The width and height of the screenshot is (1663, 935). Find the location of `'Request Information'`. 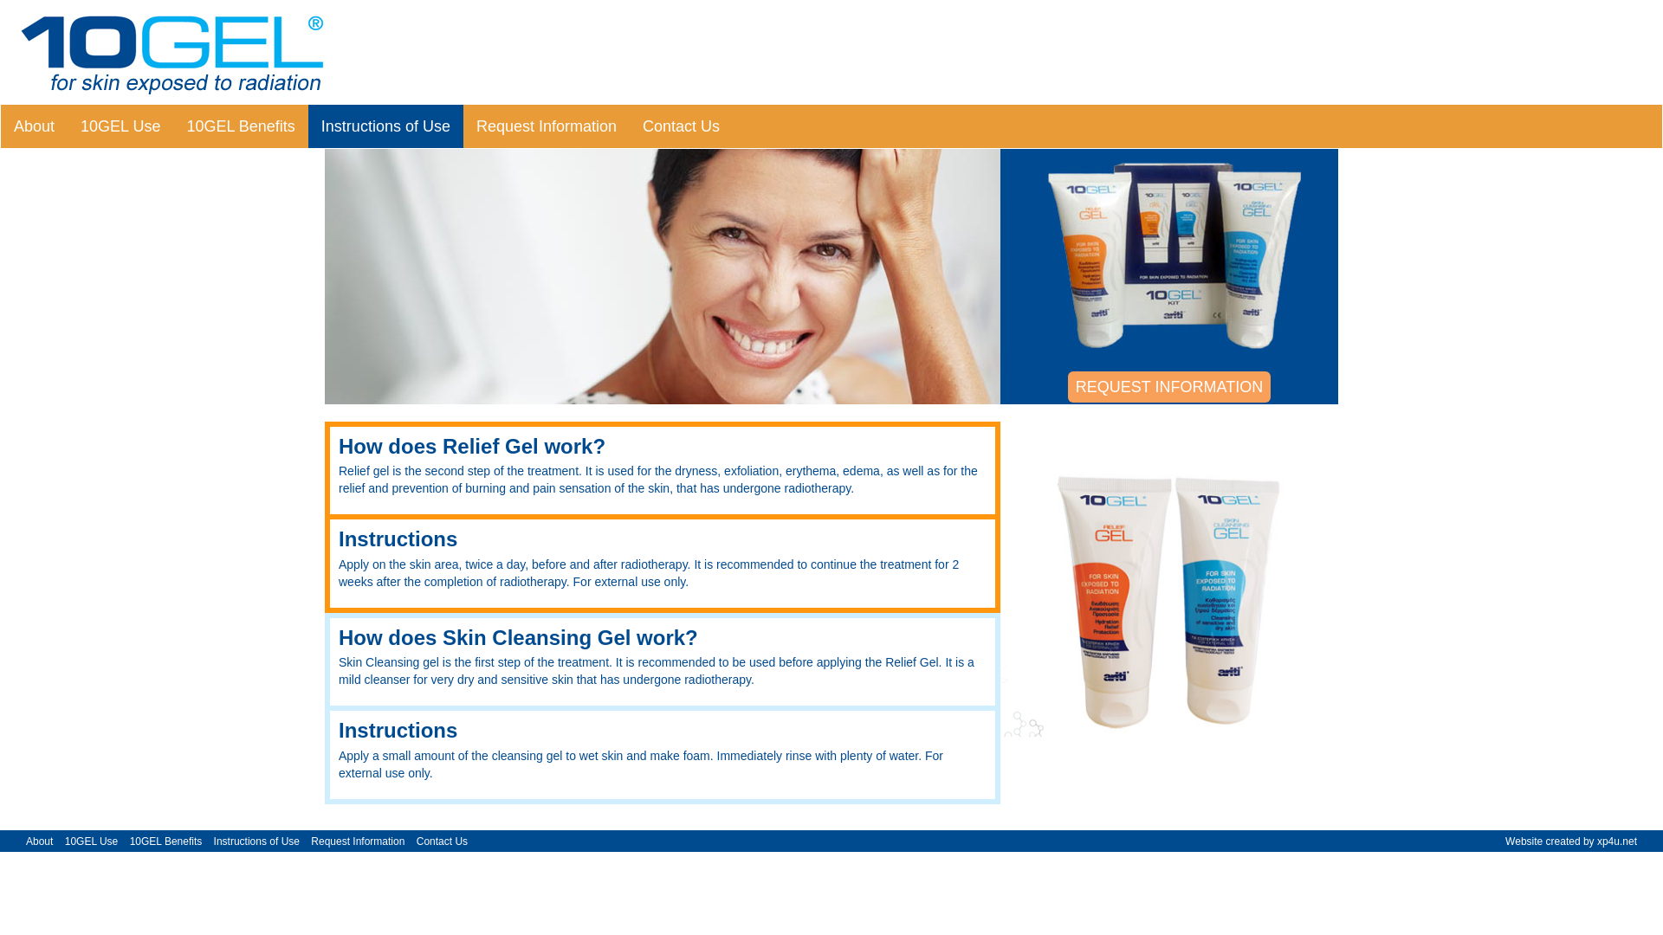

'Request Information' is located at coordinates (545, 126).